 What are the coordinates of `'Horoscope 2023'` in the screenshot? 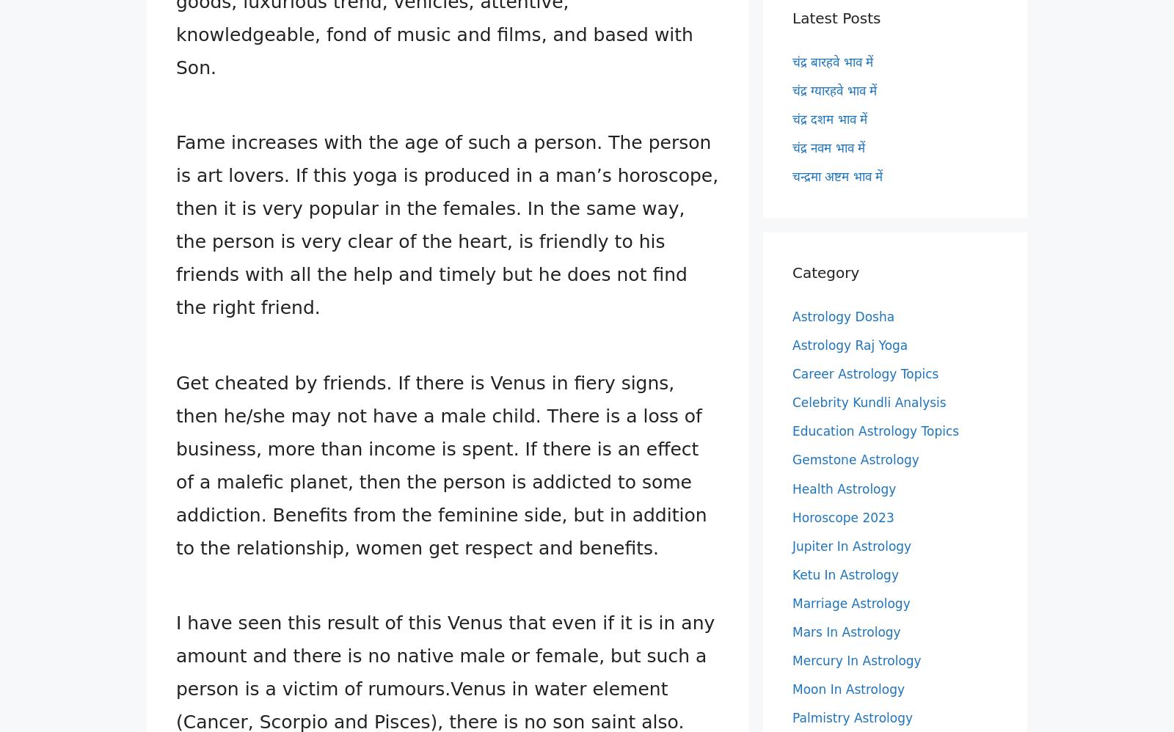 It's located at (842, 516).